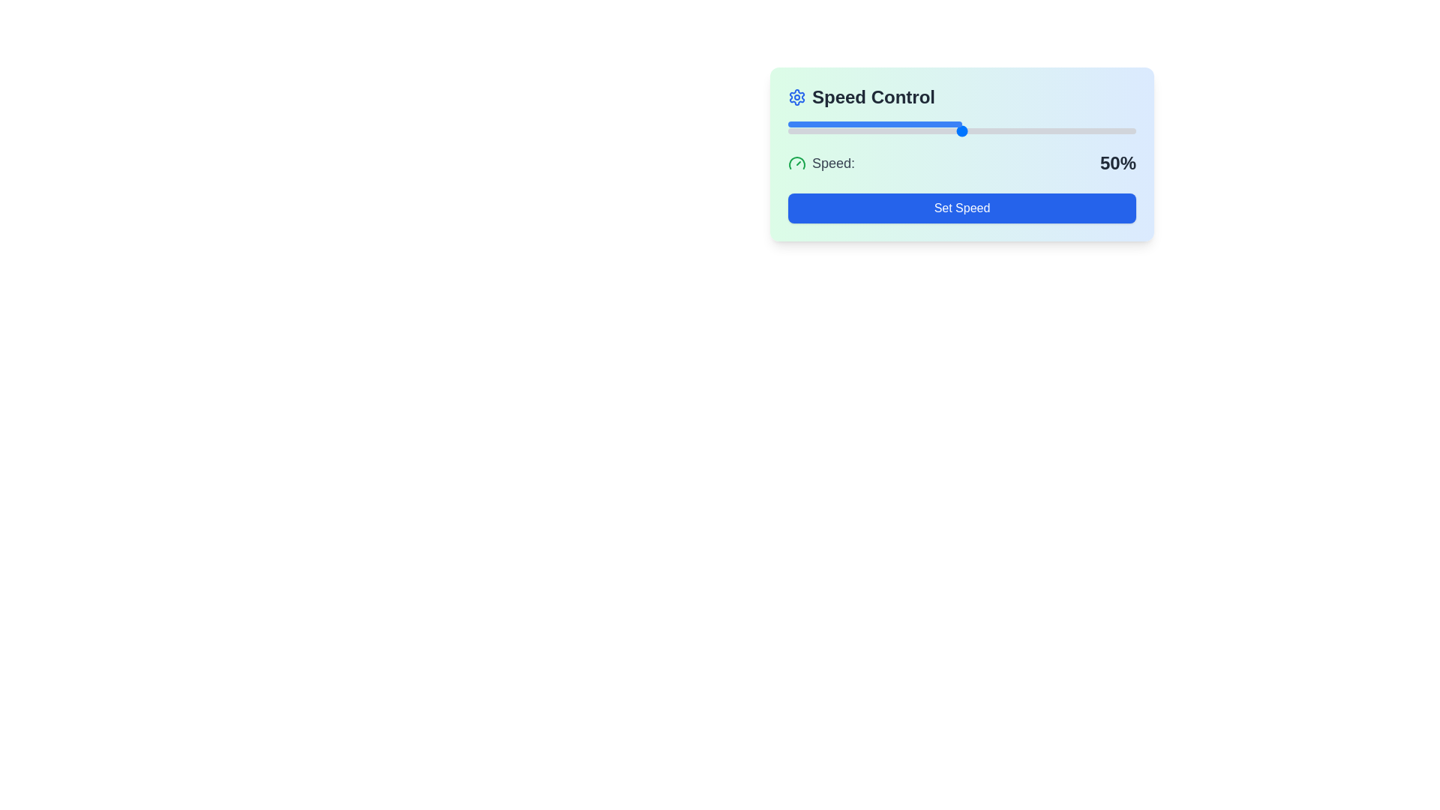  I want to click on the text label displaying 'Speed:' which is styled in gray and located immediately after a small green gauge icon in the speed control interface, so click(832, 163).